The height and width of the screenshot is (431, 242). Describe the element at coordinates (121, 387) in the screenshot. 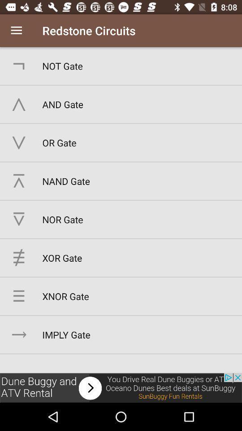

I see `advertisements image` at that location.